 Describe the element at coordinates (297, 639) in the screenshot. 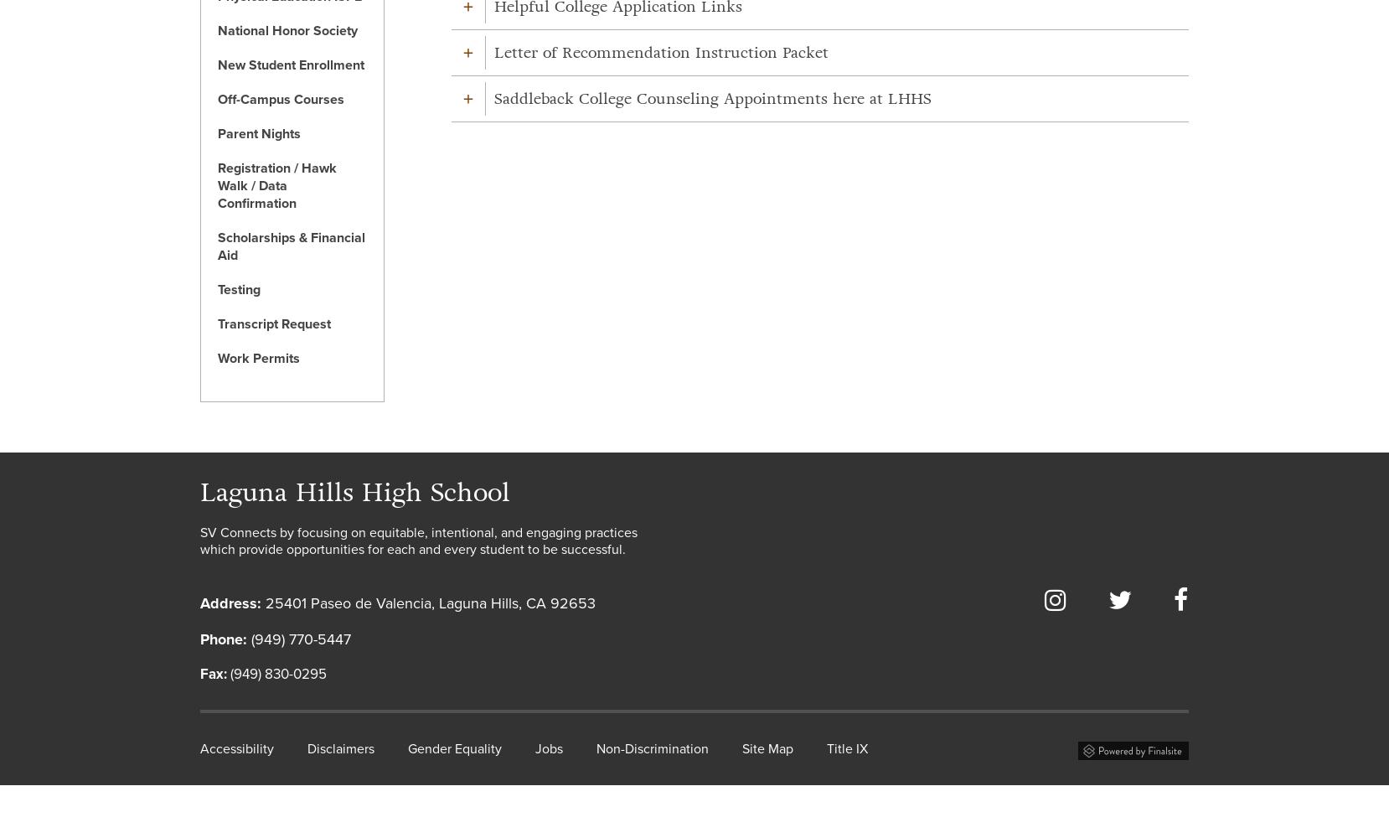

I see `'(949) 770-5447'` at that location.